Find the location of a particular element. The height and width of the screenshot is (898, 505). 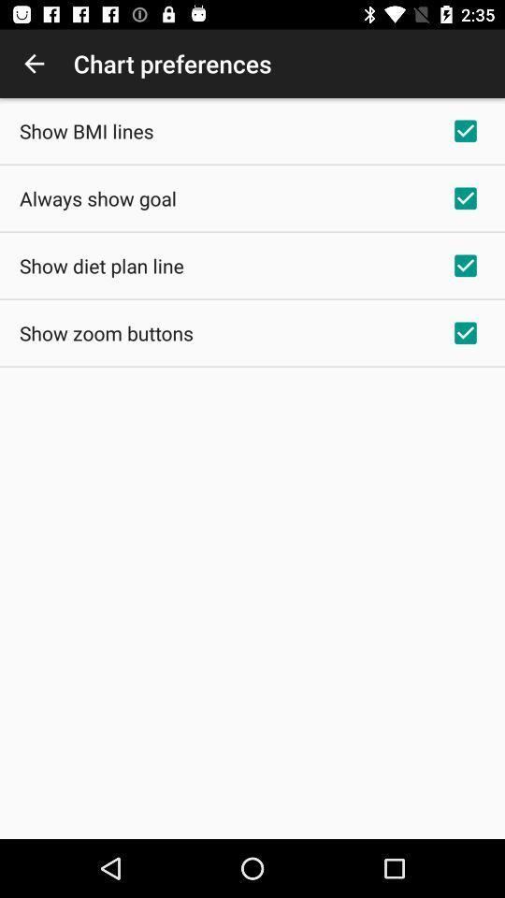

icon above the always show goal app is located at coordinates (85, 130).